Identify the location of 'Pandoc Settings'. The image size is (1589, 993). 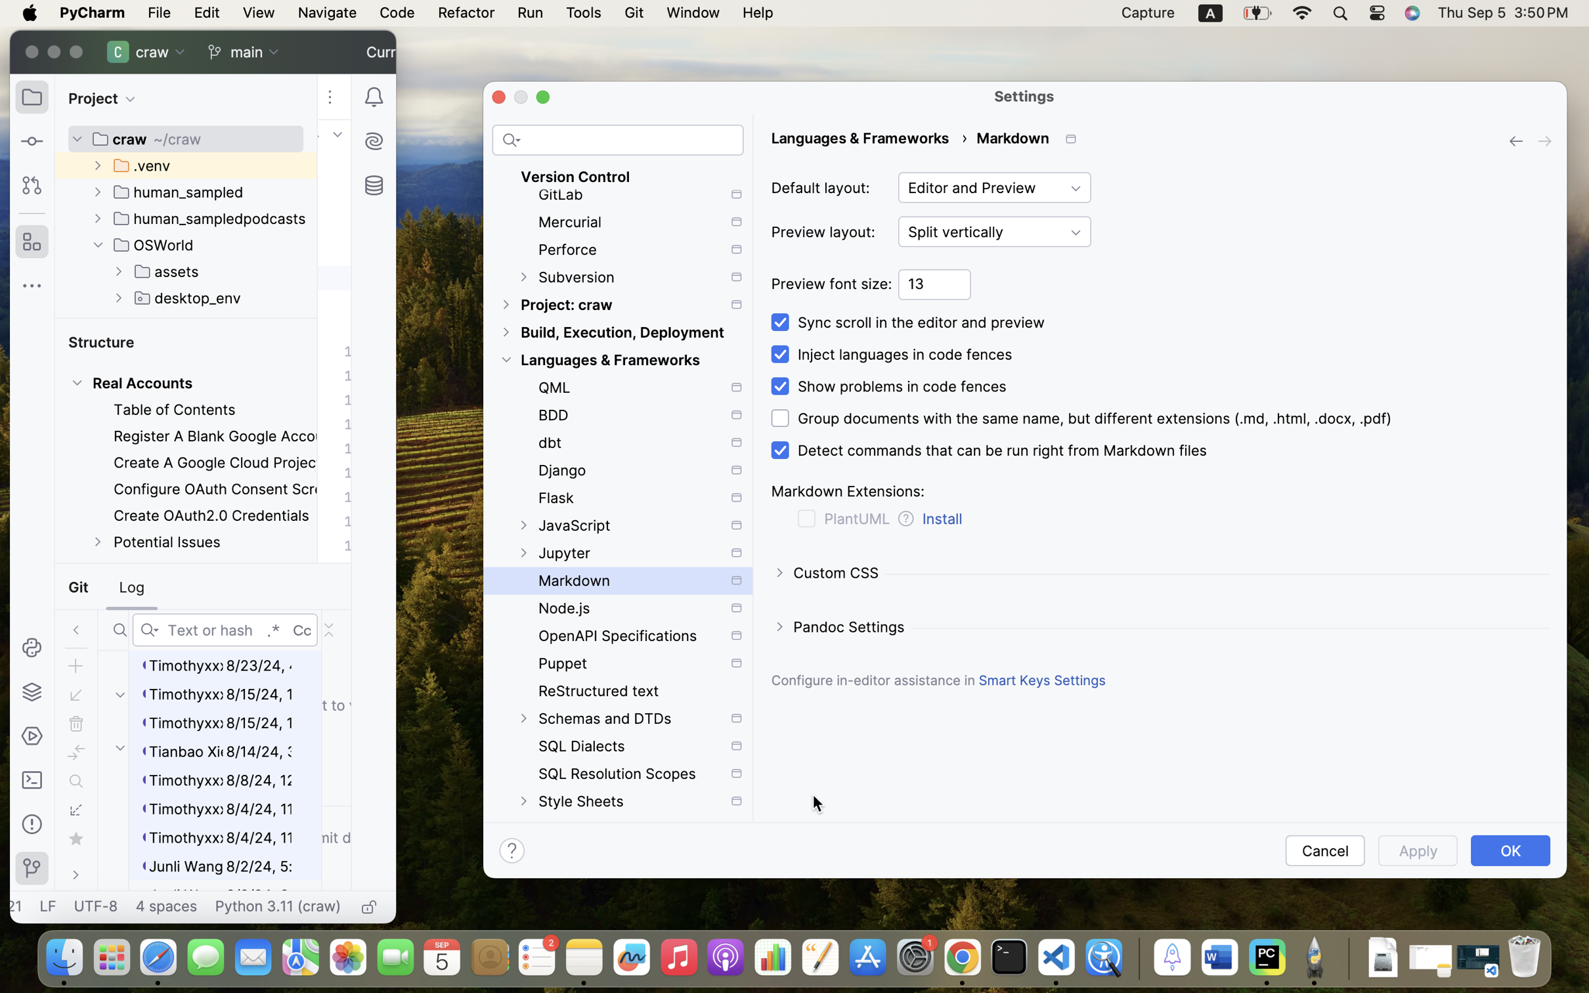
(839, 626).